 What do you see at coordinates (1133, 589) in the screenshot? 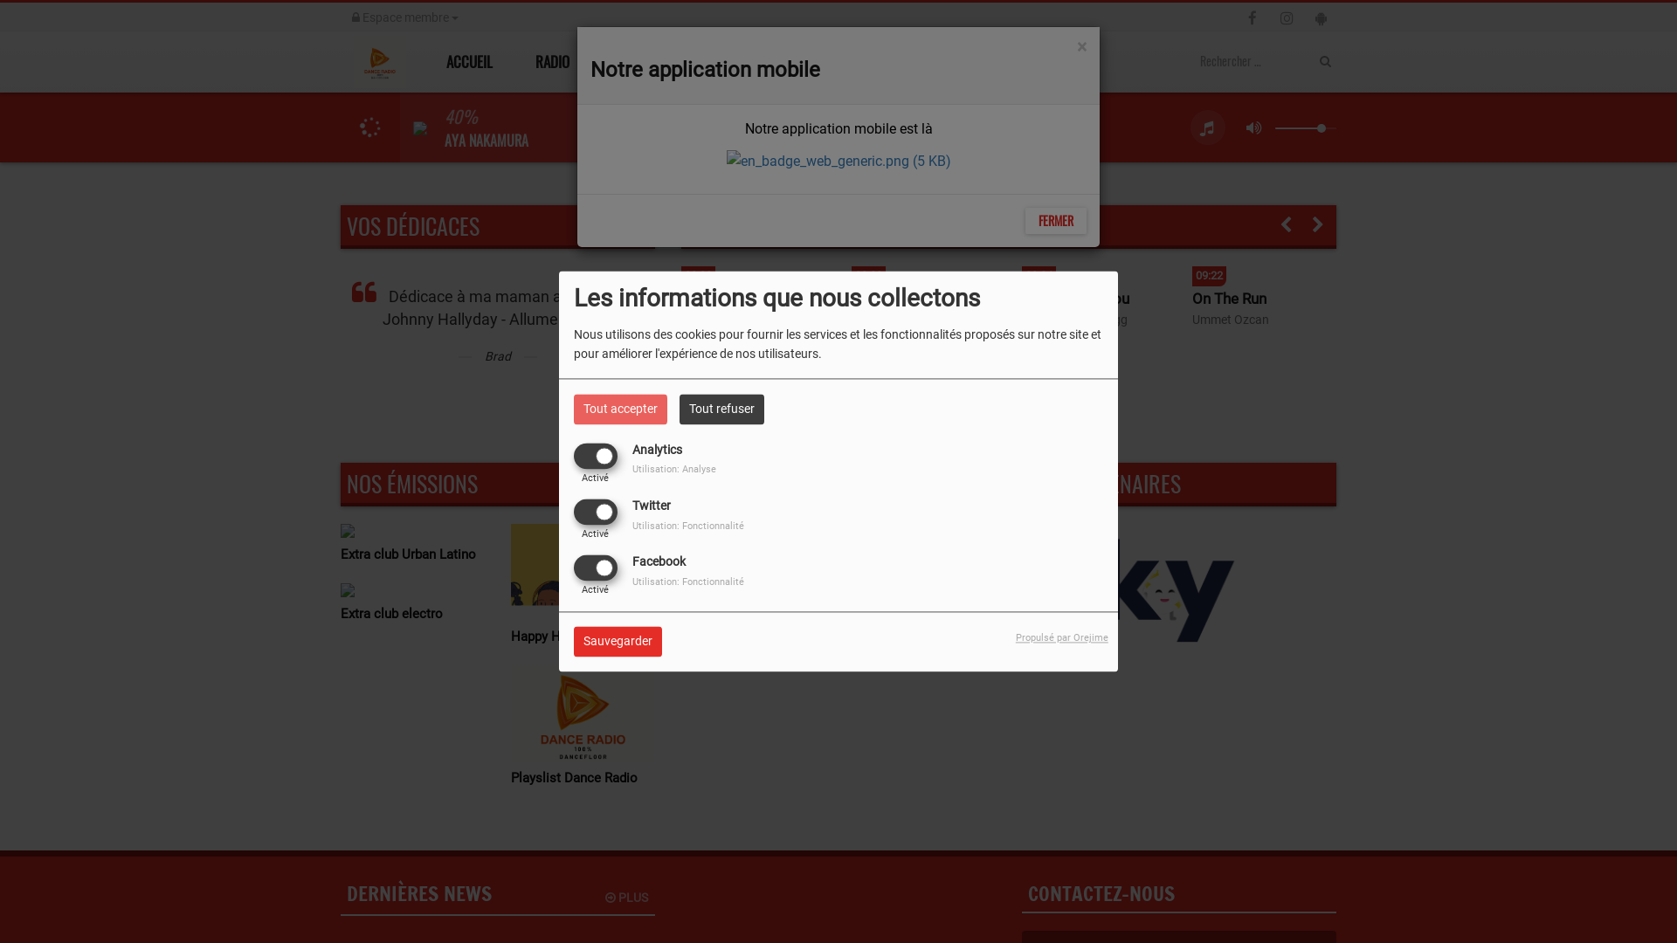
I see `'Skybot discord'` at bounding box center [1133, 589].